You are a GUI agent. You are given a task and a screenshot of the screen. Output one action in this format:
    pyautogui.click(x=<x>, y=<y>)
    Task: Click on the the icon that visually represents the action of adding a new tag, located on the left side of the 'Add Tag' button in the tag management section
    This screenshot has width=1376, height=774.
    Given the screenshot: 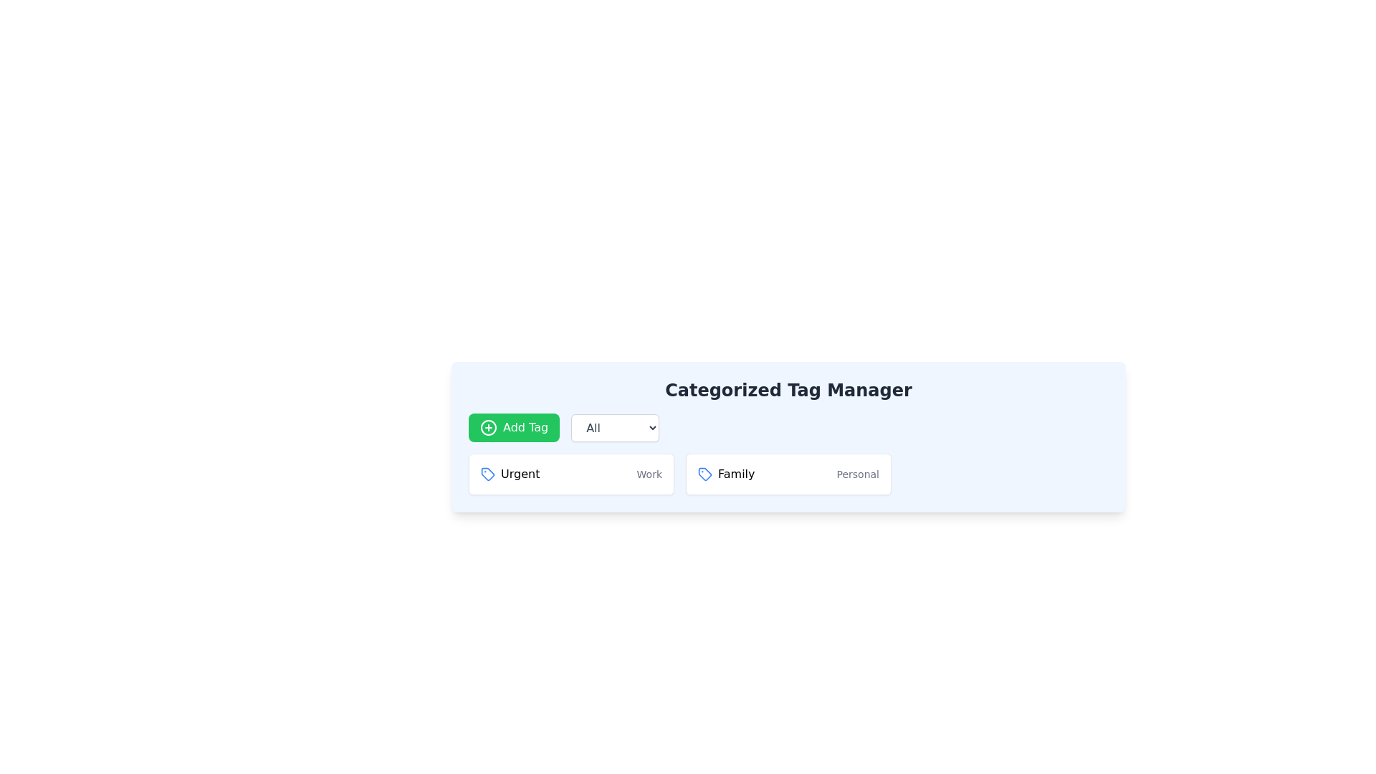 What is the action you would take?
    pyautogui.click(x=488, y=427)
    